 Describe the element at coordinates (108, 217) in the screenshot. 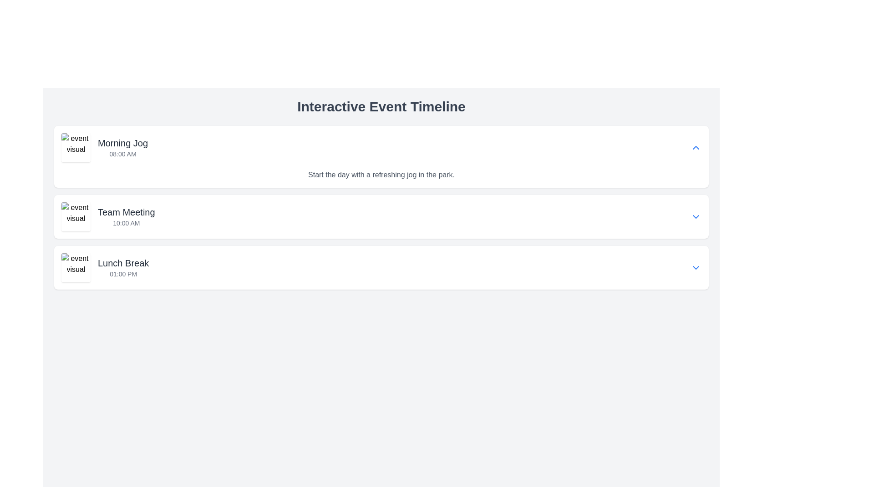

I see `on the second interactive timeline entry labeled 'Team Meeting'` at that location.